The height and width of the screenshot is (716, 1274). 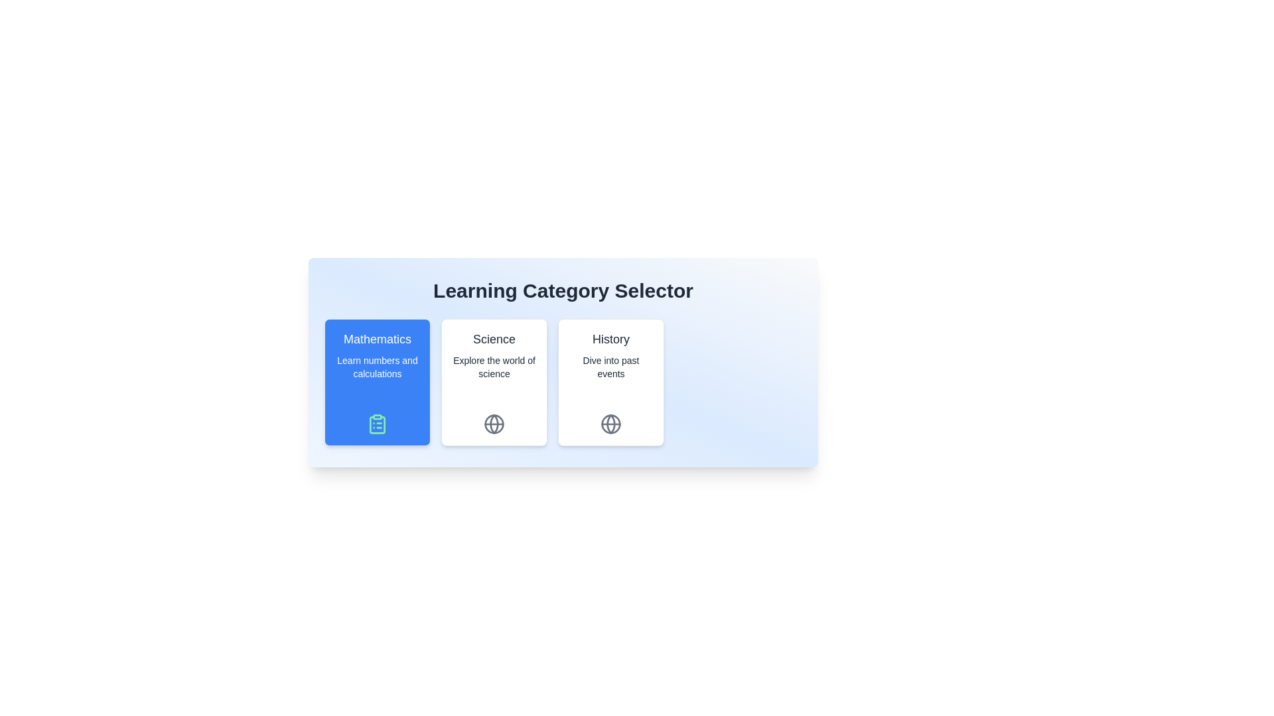 I want to click on the chip corresponding to the category Mathematics, so click(x=377, y=383).